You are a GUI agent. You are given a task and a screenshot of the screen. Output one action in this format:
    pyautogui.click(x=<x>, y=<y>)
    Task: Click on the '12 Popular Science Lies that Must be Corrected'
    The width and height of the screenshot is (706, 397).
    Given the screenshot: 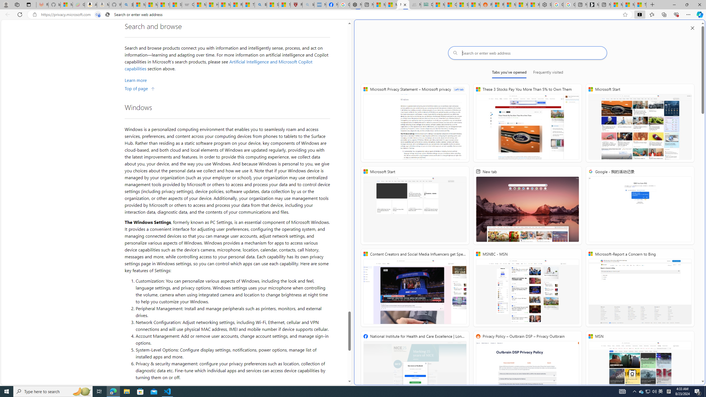 What is the action you would take?
    pyautogui.click(x=284, y=4)
    